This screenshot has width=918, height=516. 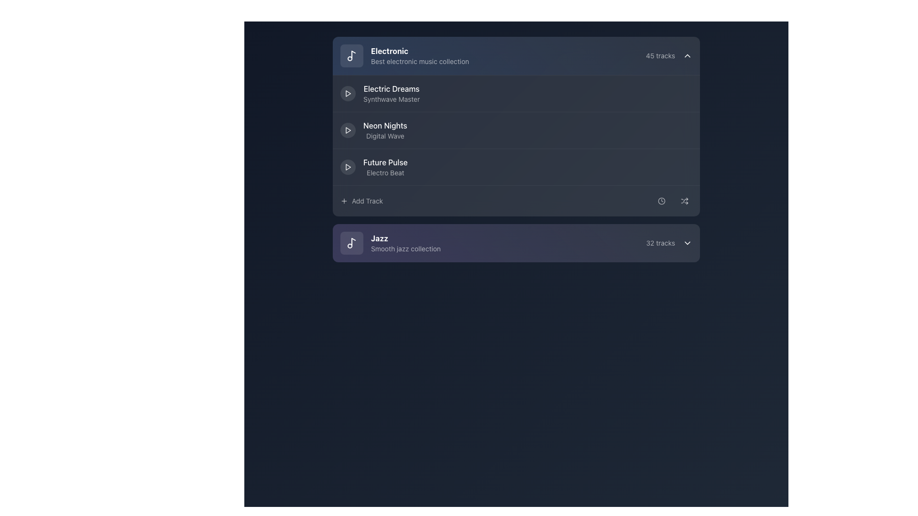 What do you see at coordinates (406, 248) in the screenshot?
I see `the descriptive subtitle text label for the 'Jazz' music genre, which is positioned directly below the 'Jazz' text label in the music genres list` at bounding box center [406, 248].